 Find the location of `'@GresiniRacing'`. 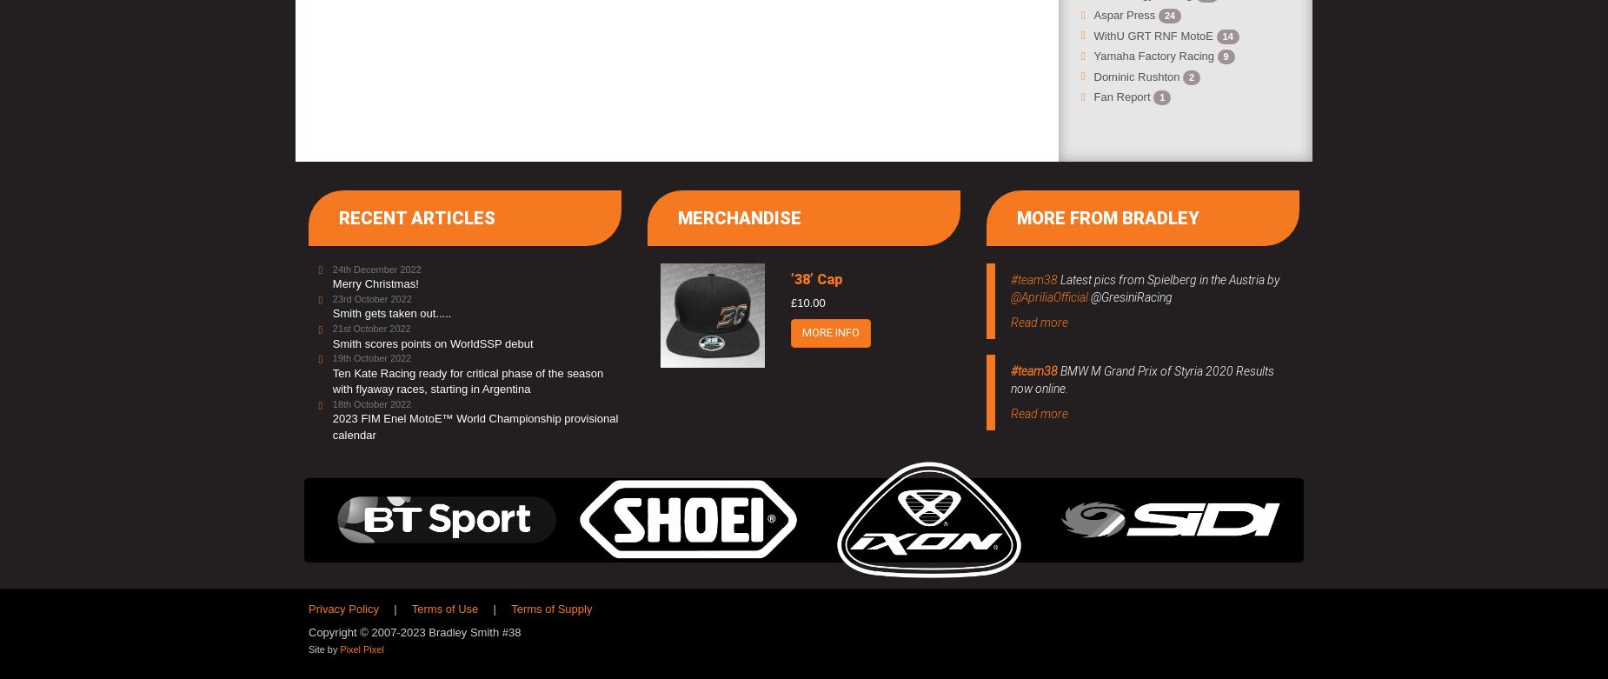

'@GresiniRacing' is located at coordinates (1131, 296).